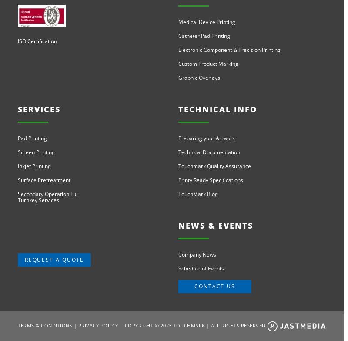  Describe the element at coordinates (37, 41) in the screenshot. I see `'ISO Certification'` at that location.